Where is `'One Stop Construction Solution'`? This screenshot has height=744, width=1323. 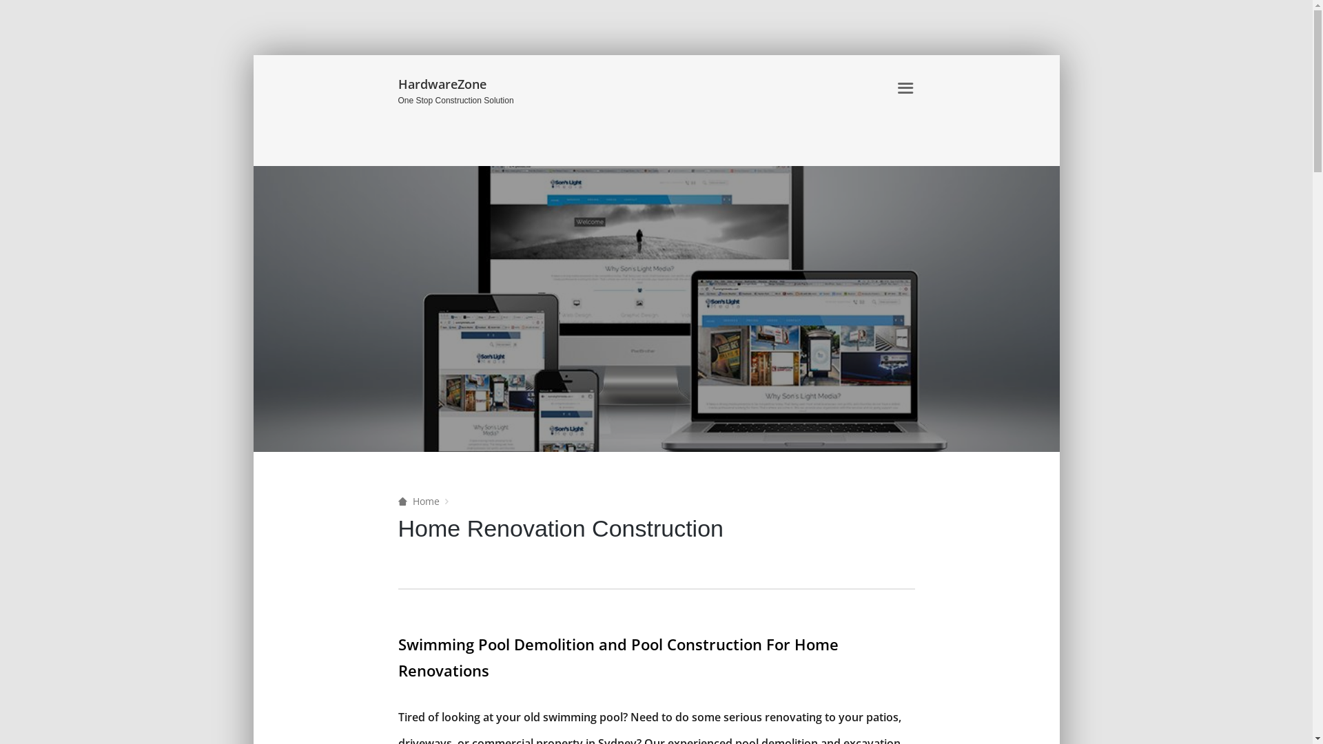
'One Stop Construction Solution' is located at coordinates (397, 101).